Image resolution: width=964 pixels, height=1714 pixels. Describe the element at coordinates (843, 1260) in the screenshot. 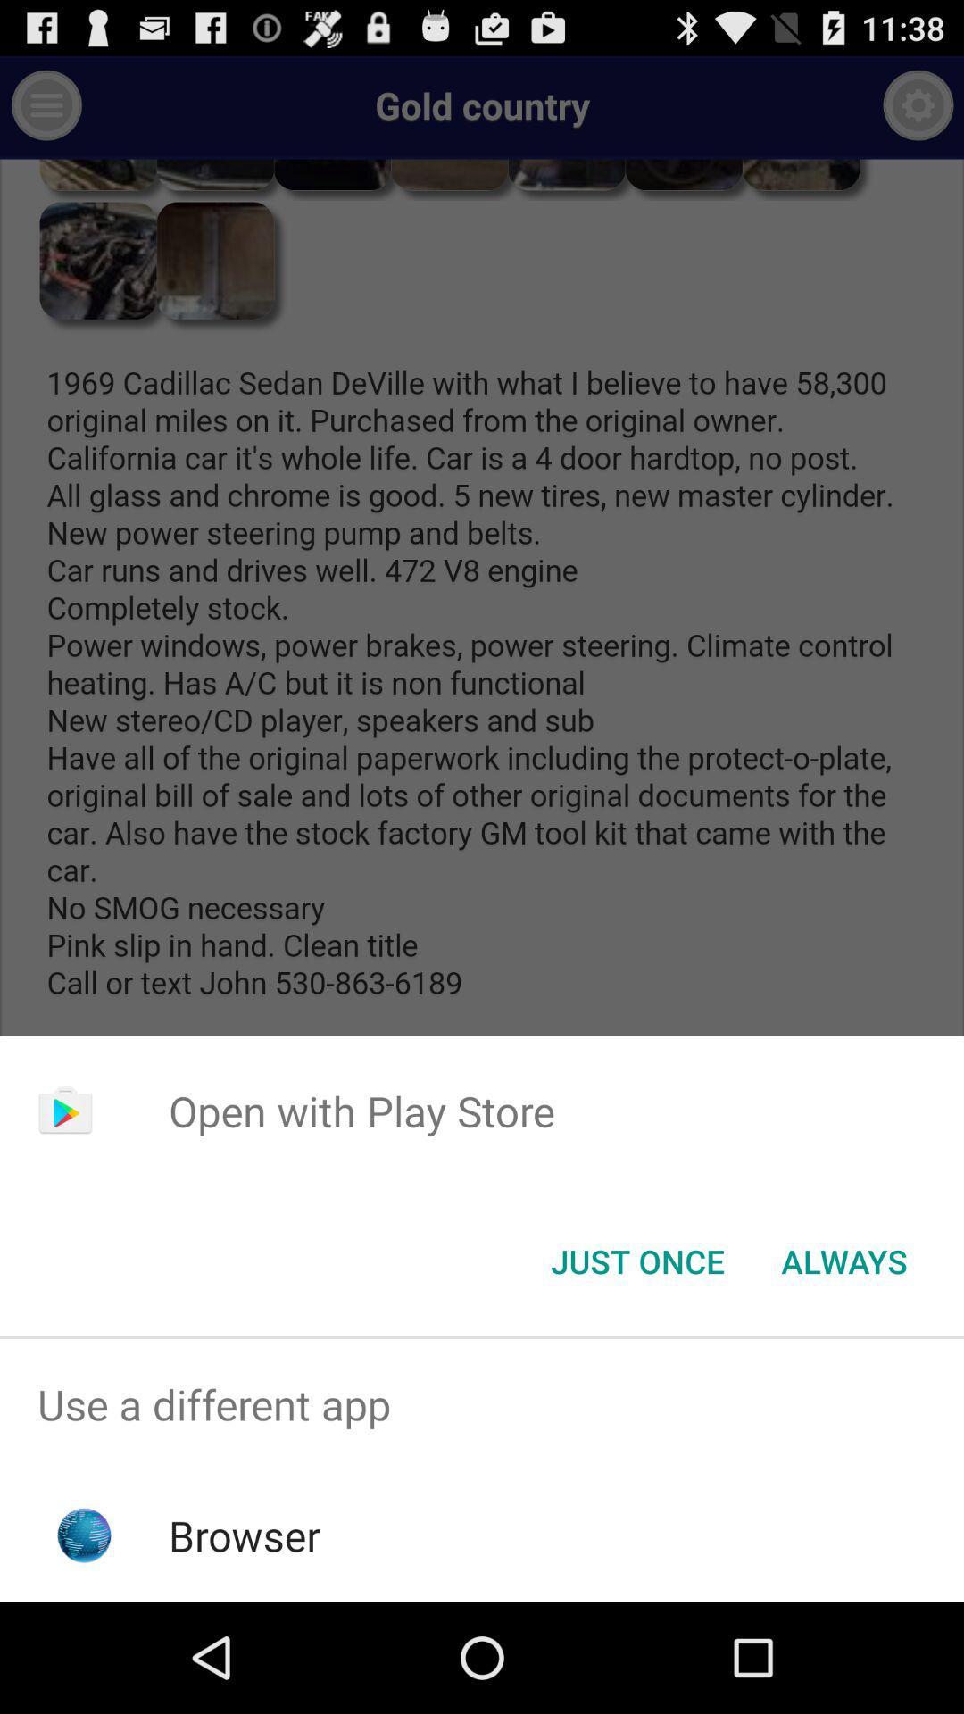

I see `the always` at that location.